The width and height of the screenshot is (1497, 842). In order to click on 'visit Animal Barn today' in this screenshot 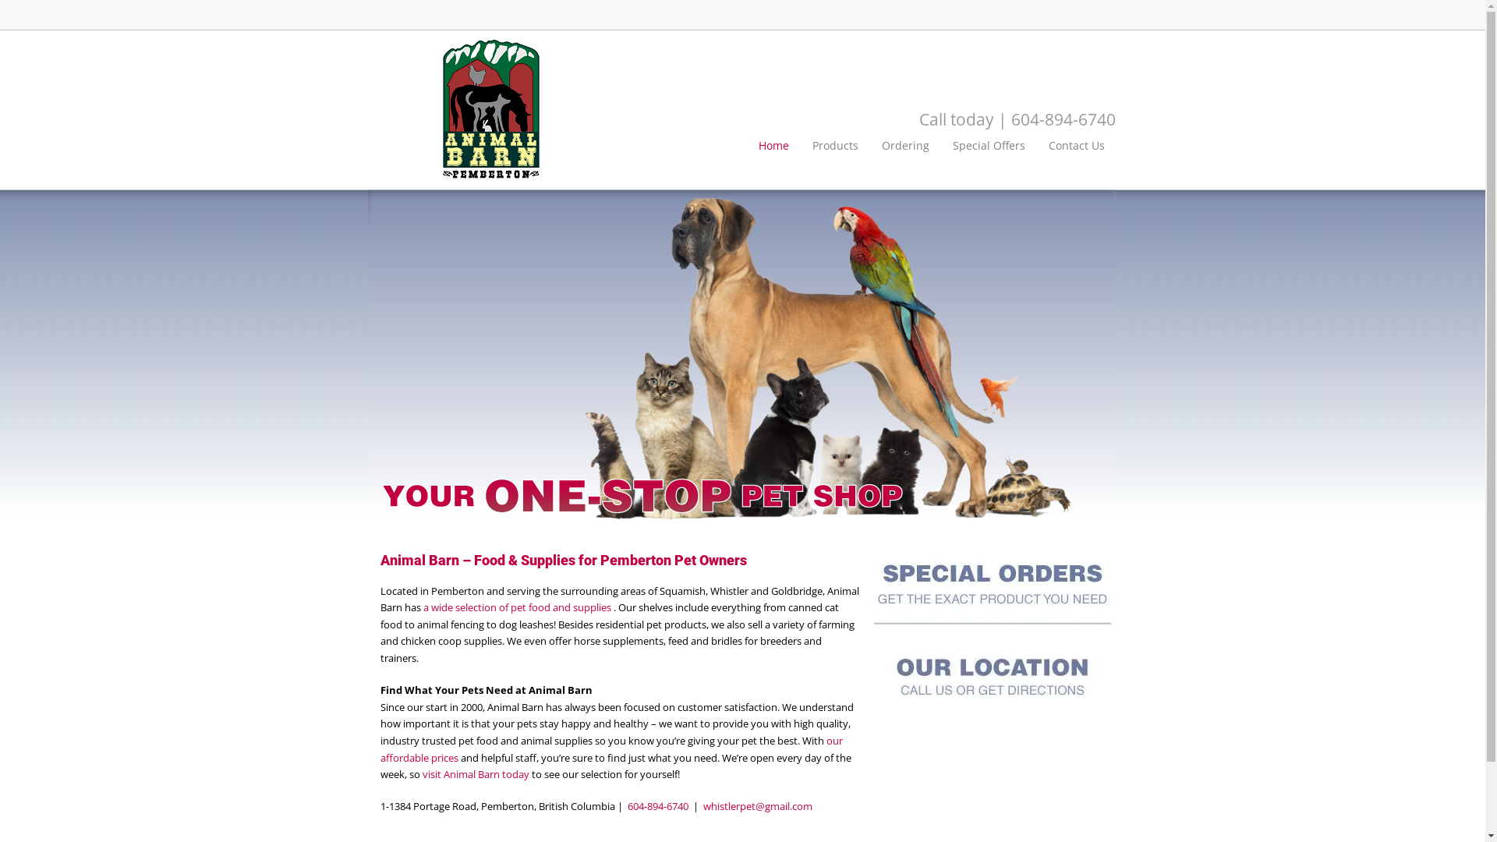, I will do `click(476, 773)`.